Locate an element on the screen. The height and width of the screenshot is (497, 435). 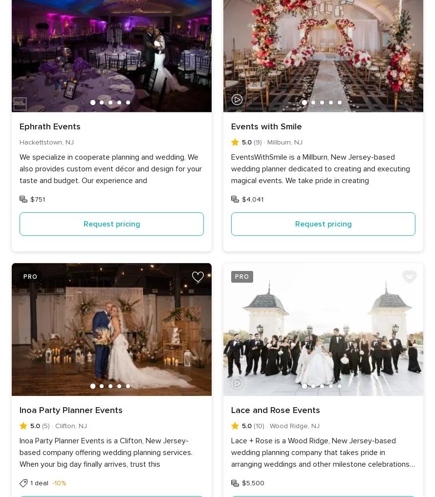
'Lace and Rose Events' is located at coordinates (275, 409).